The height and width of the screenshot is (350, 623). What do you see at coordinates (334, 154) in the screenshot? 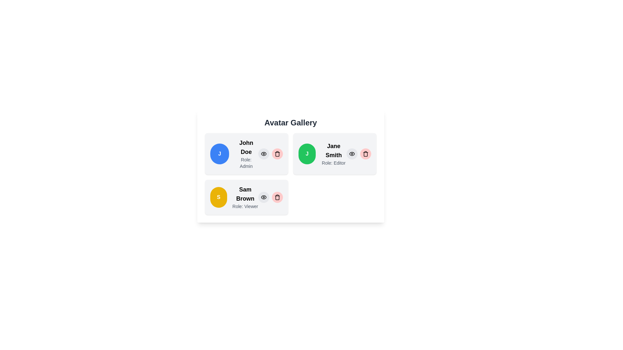
I see `displayed text in the Text block containing user information for 'Jane Smith' and 'Role: Editor', located under 'Avatar Gallery'` at bounding box center [334, 154].